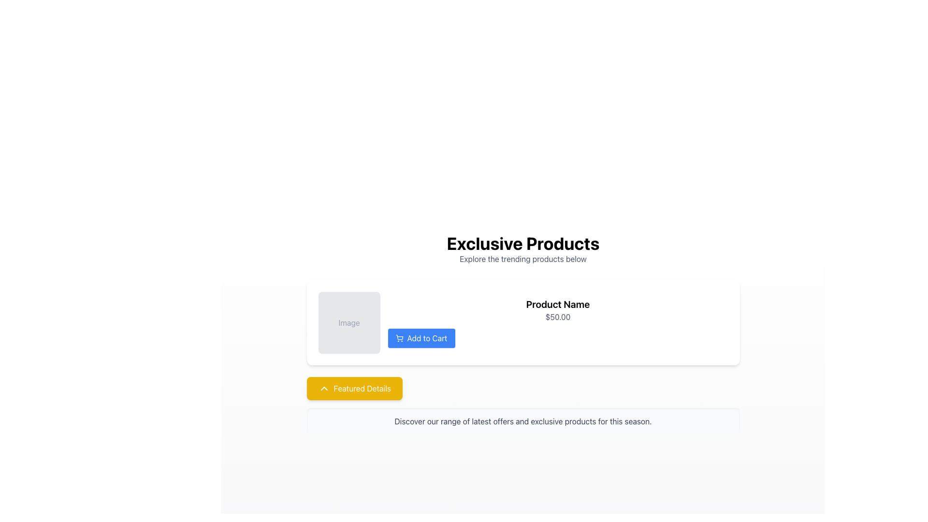  Describe the element at coordinates (558, 322) in the screenshot. I see `product details from the panel that contains the product name, price, and an 'Add to Cart' button` at that location.